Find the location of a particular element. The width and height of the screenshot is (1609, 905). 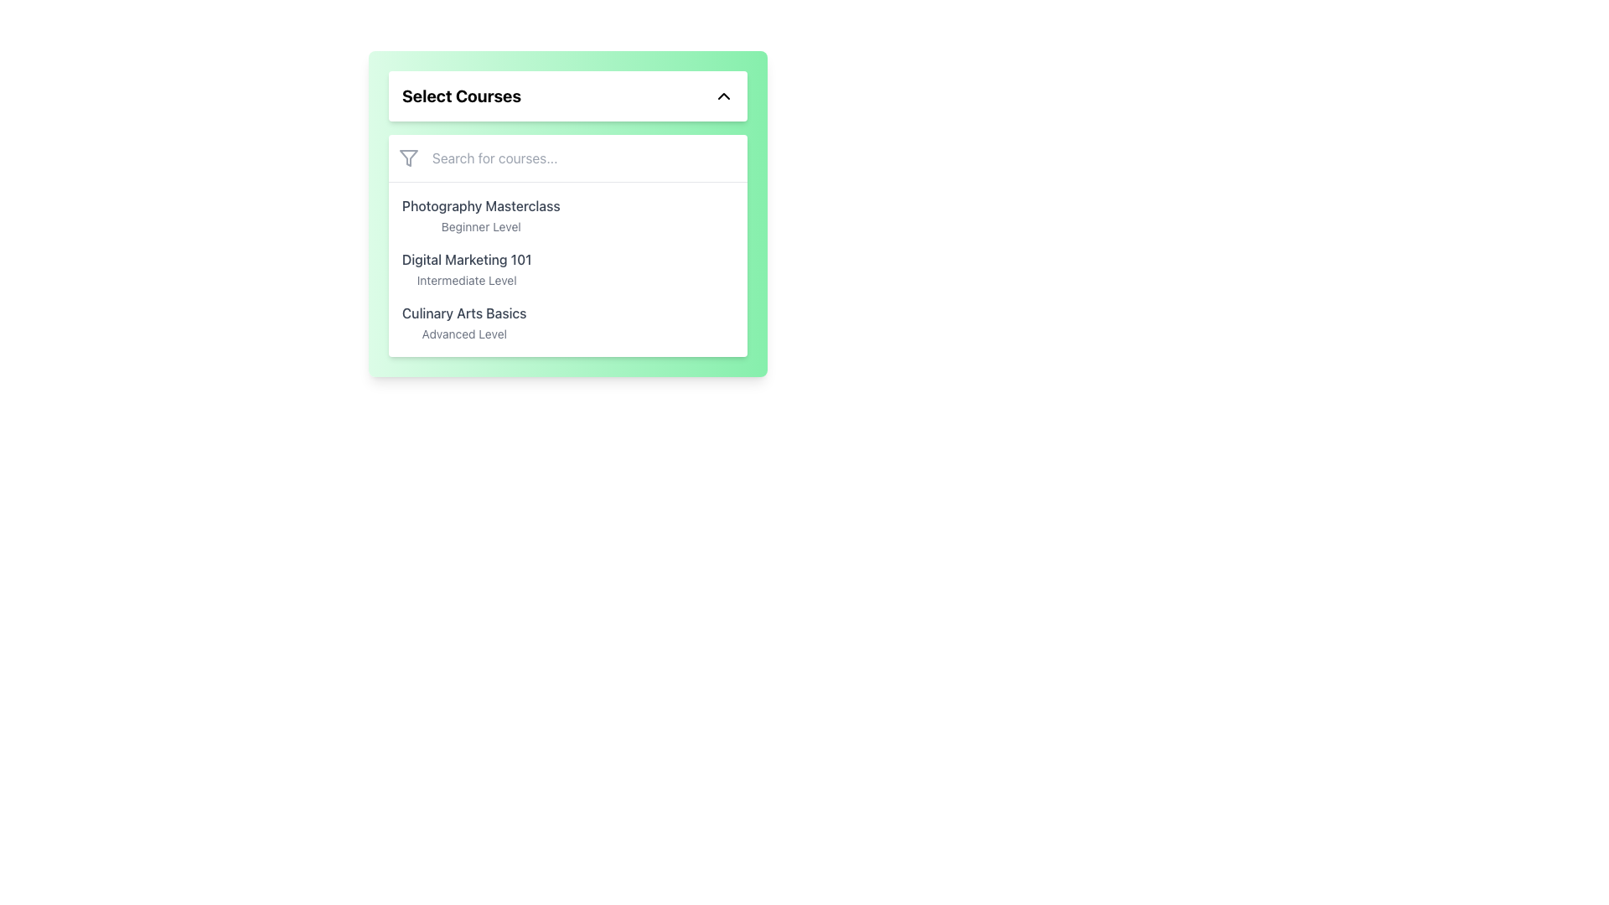

the list item displaying 'Digital Marketing 101' is located at coordinates (567, 268).